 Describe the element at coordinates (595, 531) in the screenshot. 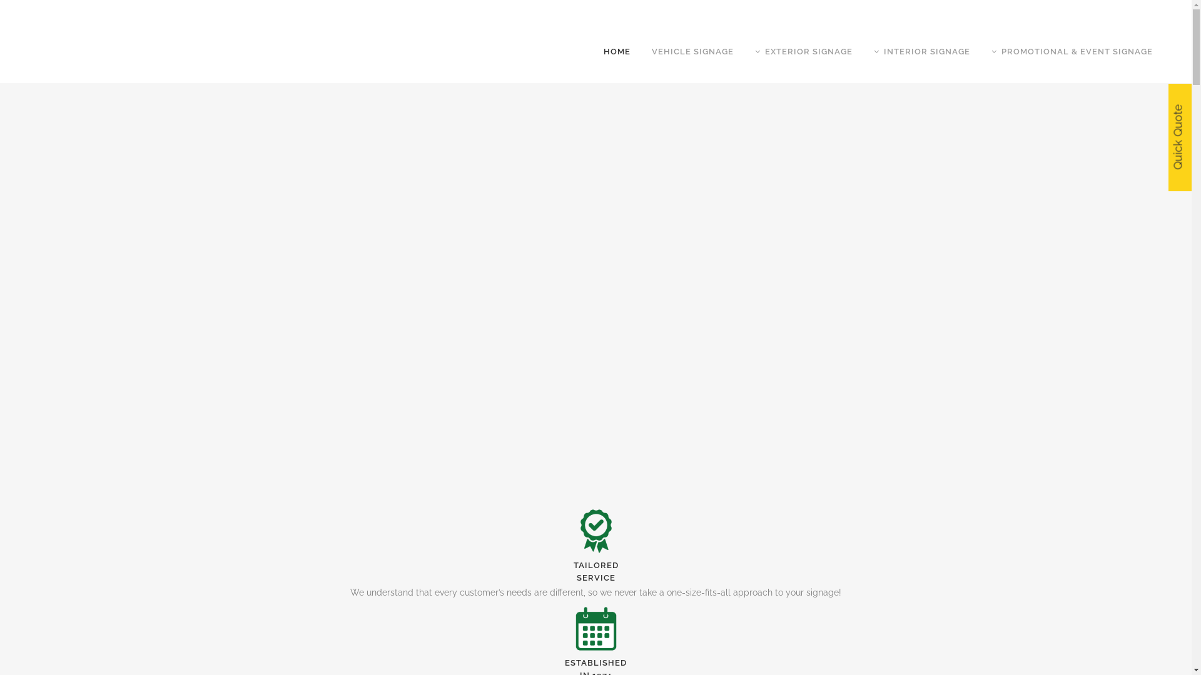

I see `'pod_web1'` at that location.